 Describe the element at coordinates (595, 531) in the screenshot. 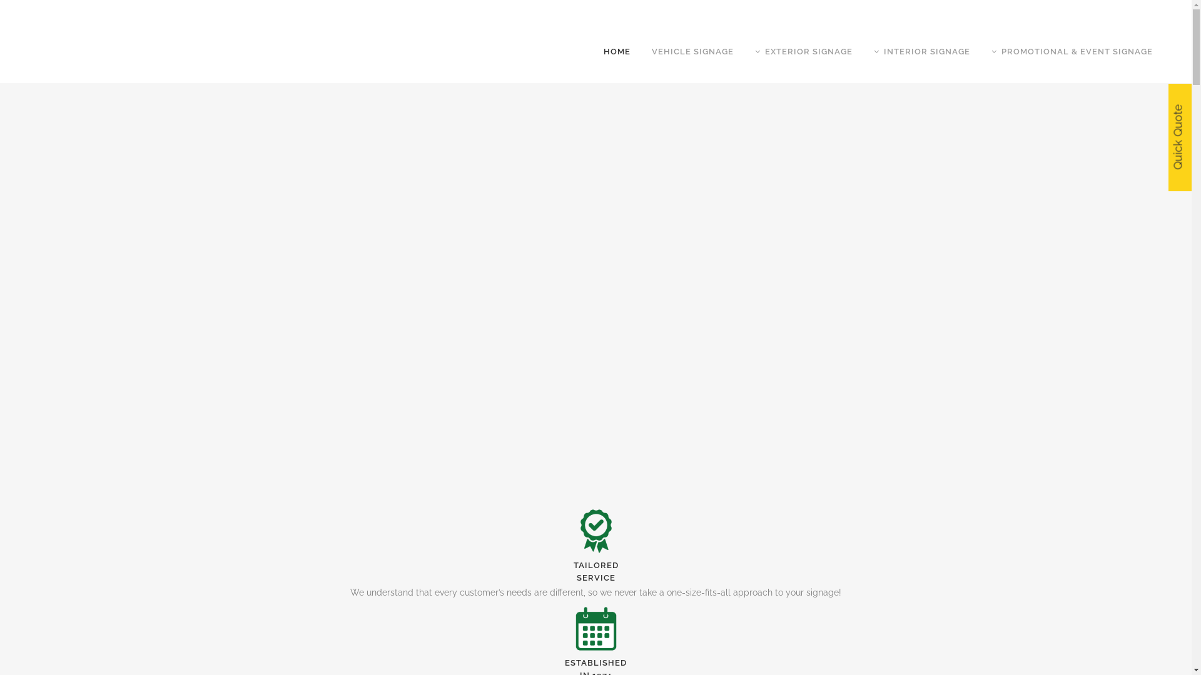

I see `'pod_web1'` at that location.